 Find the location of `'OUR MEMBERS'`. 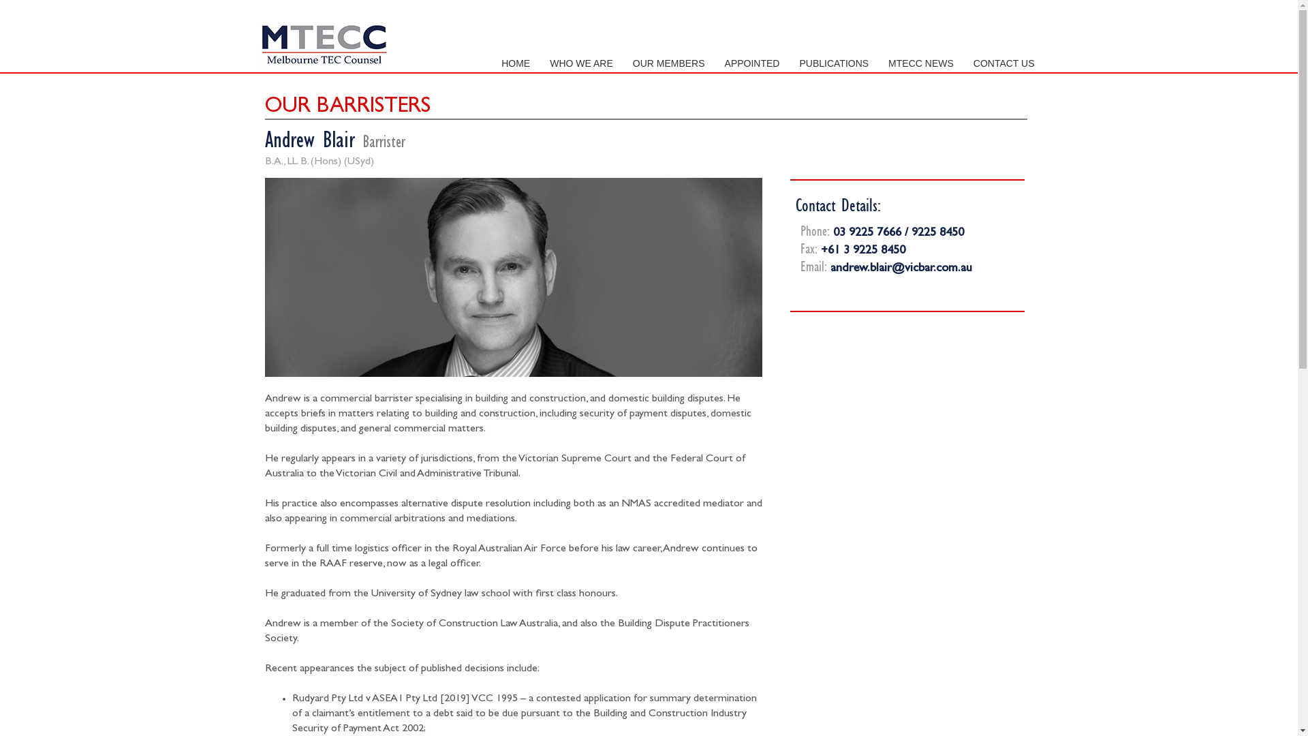

'OUR MEMBERS' is located at coordinates (669, 63).